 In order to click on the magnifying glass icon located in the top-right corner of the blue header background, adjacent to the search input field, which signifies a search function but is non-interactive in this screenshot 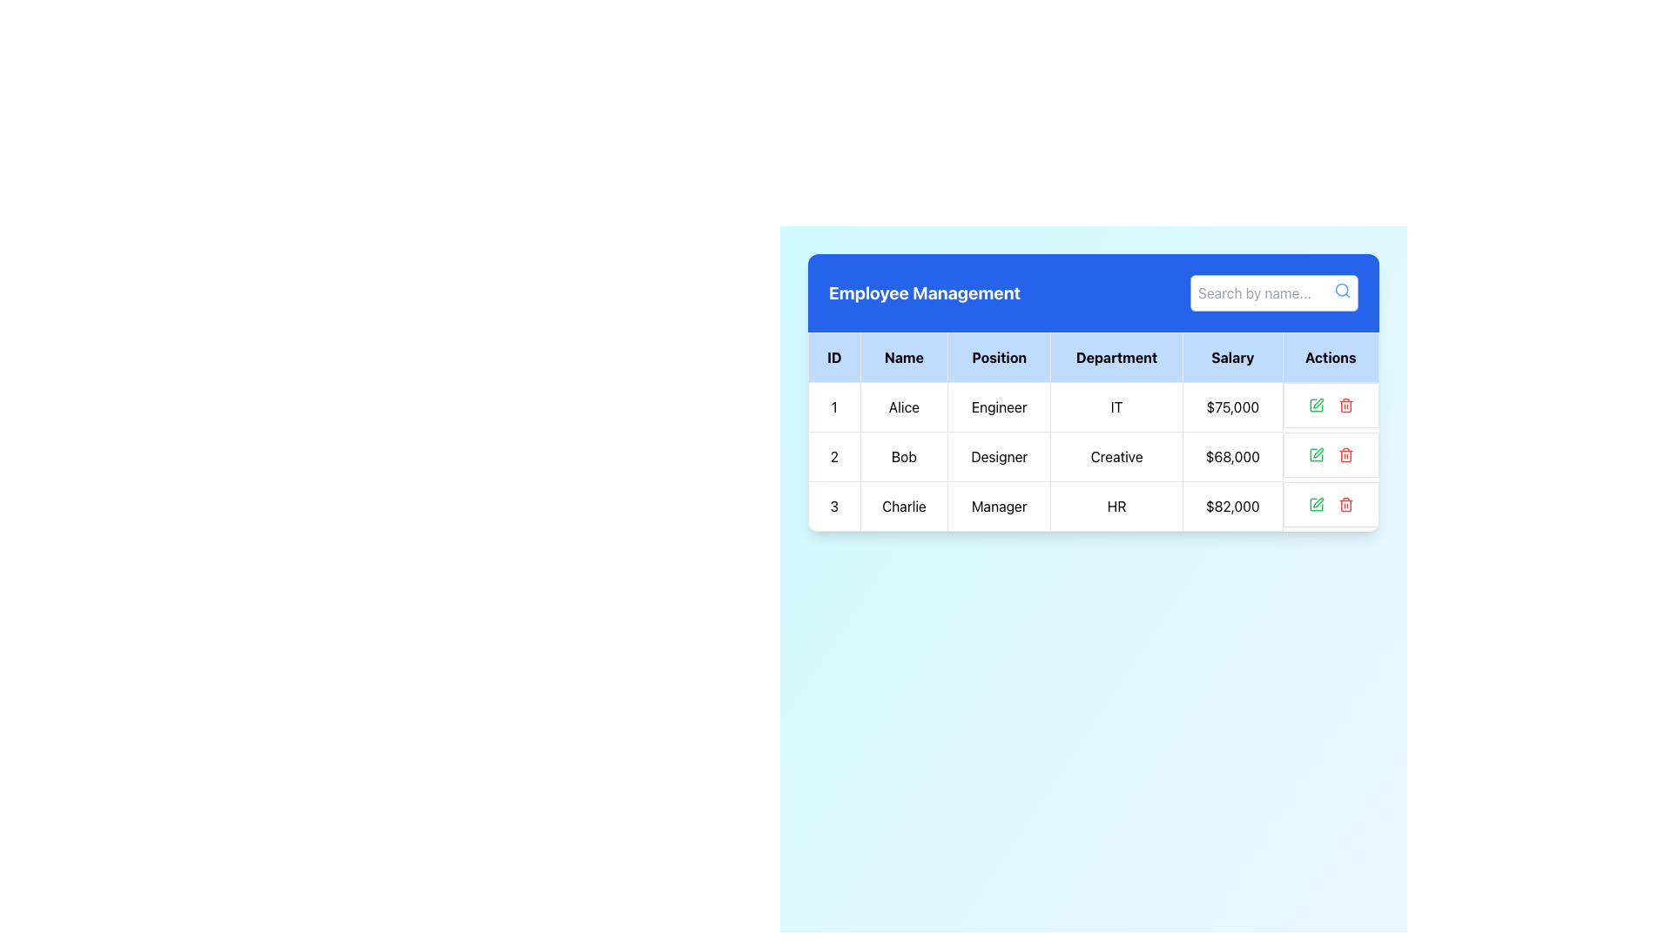, I will do `click(1341, 290)`.